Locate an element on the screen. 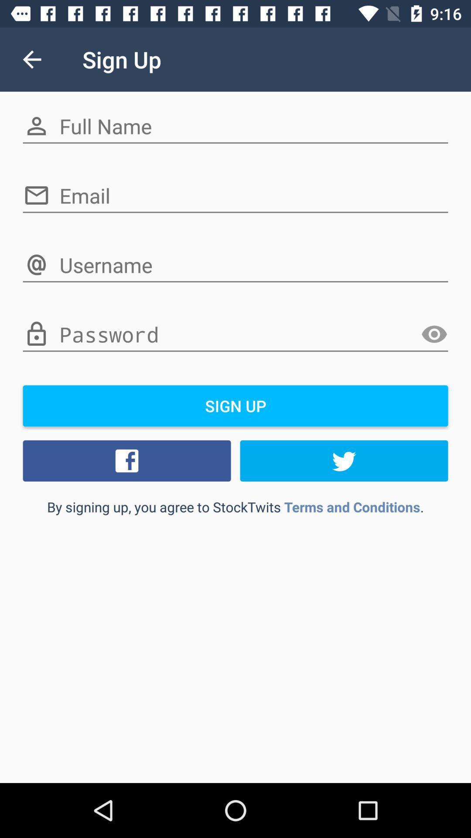 The width and height of the screenshot is (471, 838). the text which is immediately below password is located at coordinates (235, 405).